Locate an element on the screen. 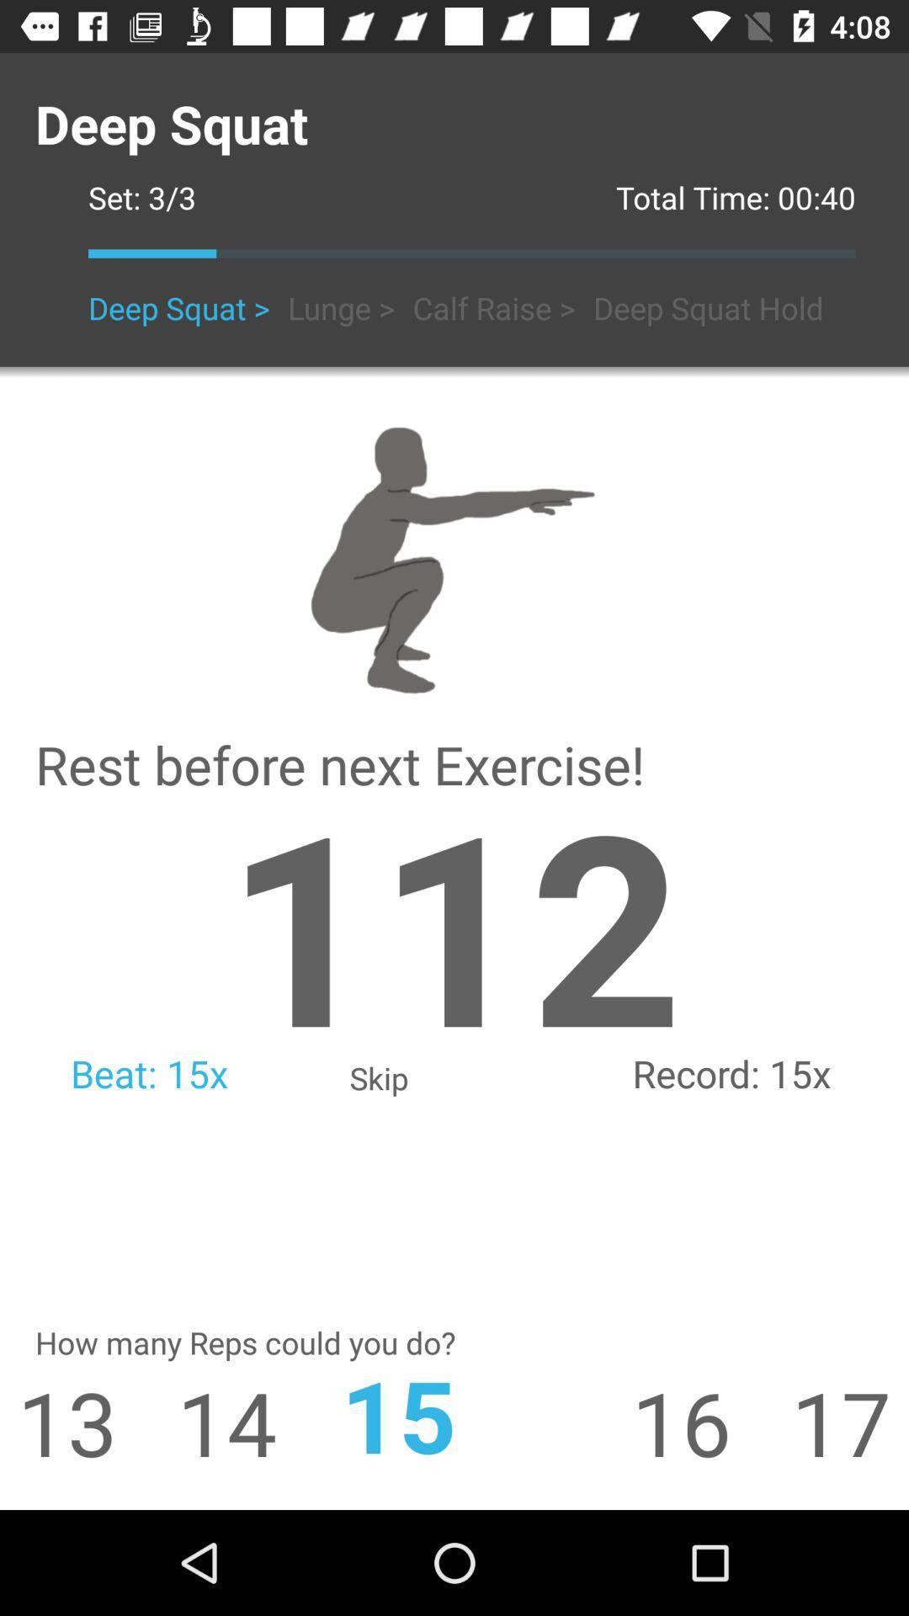 The width and height of the screenshot is (909, 1616). icon to the left of 14 icon is located at coordinates (57, 1421).